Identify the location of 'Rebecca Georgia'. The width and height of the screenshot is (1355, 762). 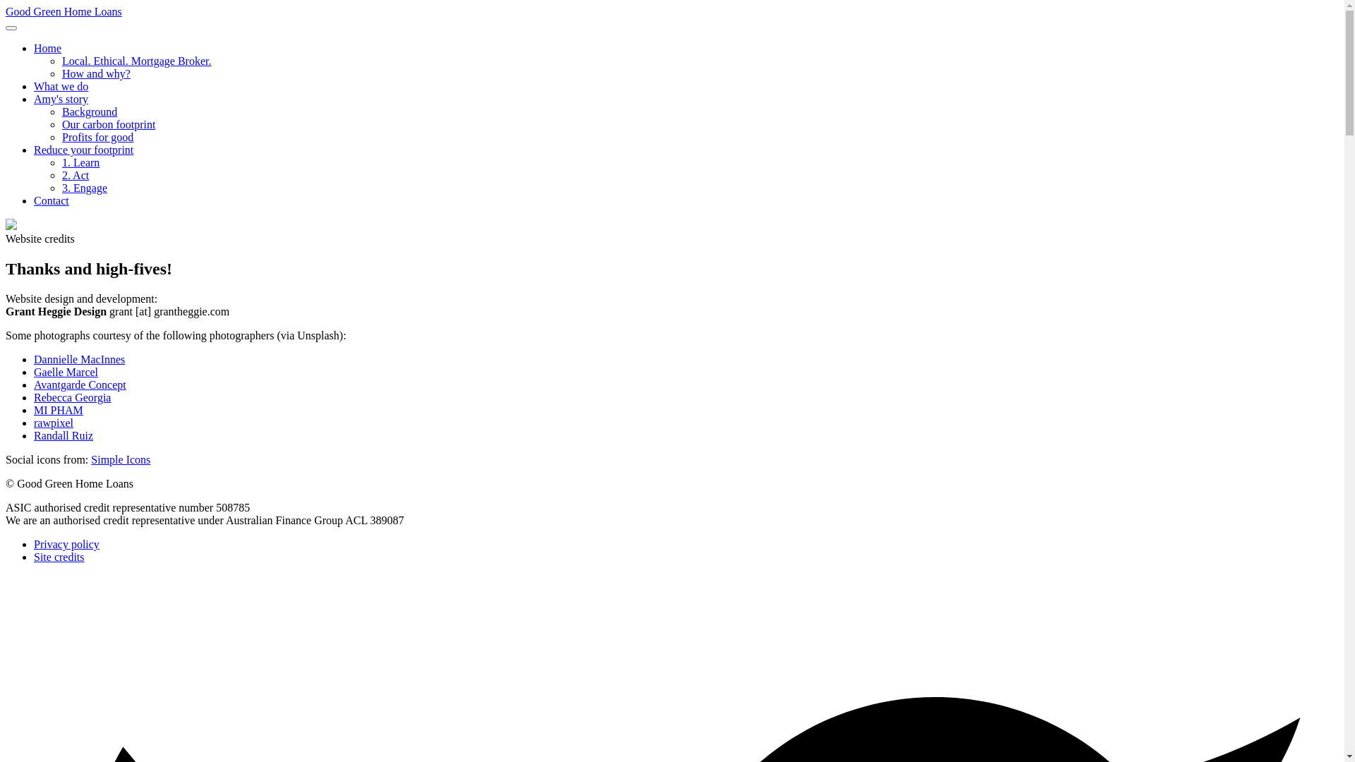
(34, 397).